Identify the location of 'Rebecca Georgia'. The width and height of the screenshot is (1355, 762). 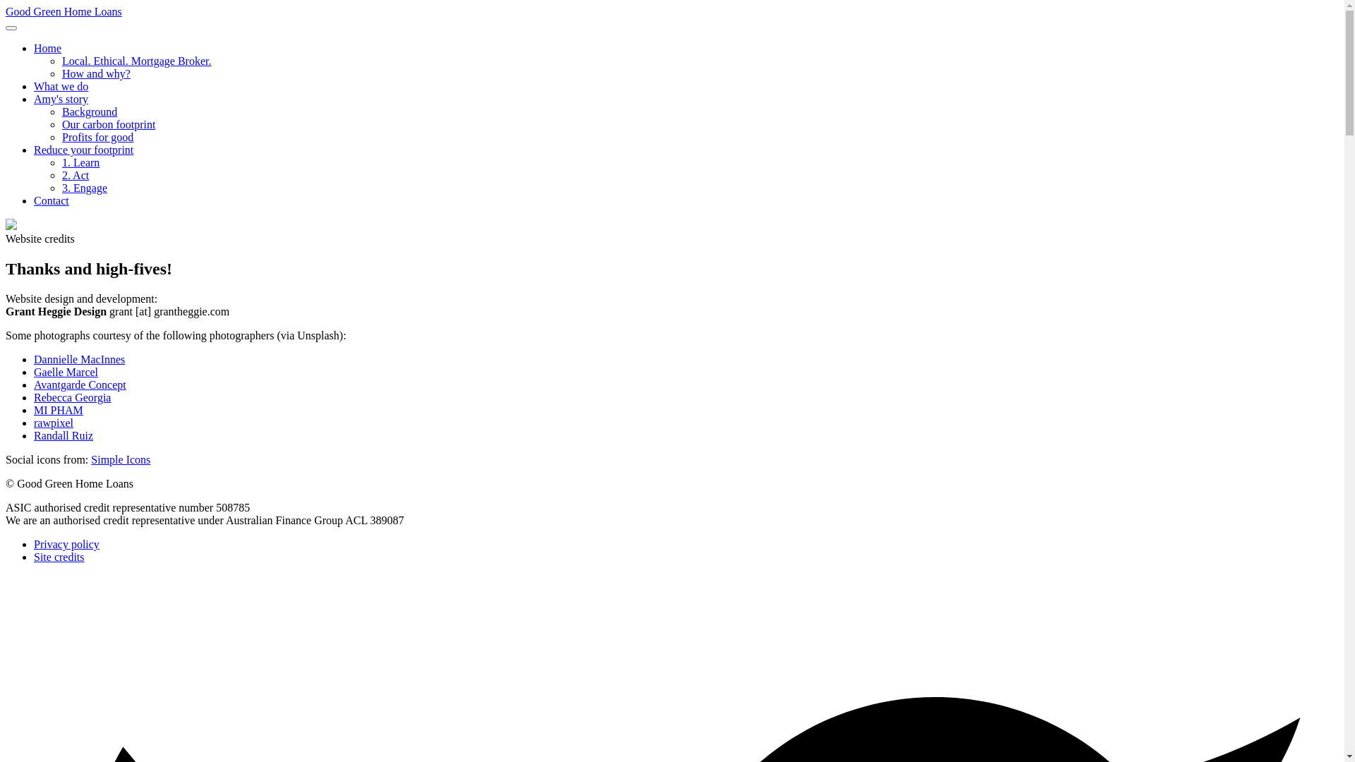
(34, 397).